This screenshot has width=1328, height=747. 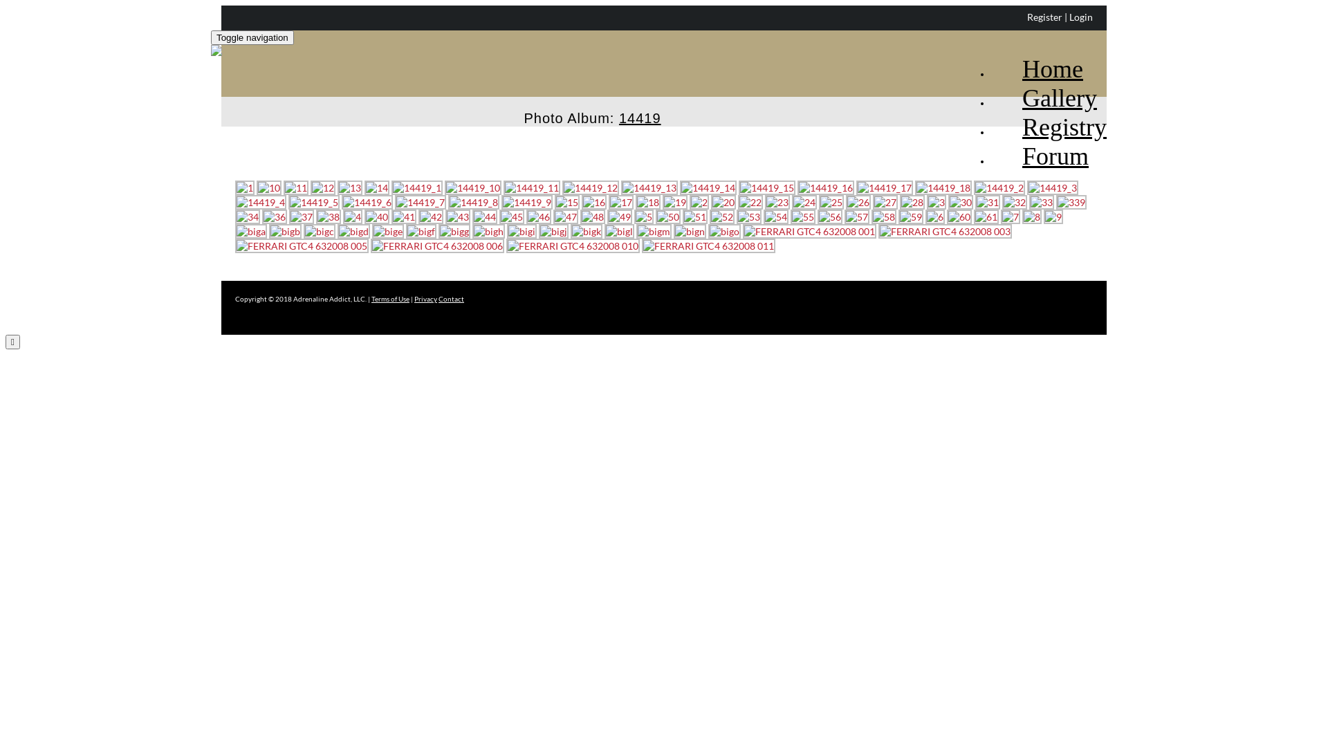 I want to click on 'bigo (click to enlarge)', so click(x=723, y=230).